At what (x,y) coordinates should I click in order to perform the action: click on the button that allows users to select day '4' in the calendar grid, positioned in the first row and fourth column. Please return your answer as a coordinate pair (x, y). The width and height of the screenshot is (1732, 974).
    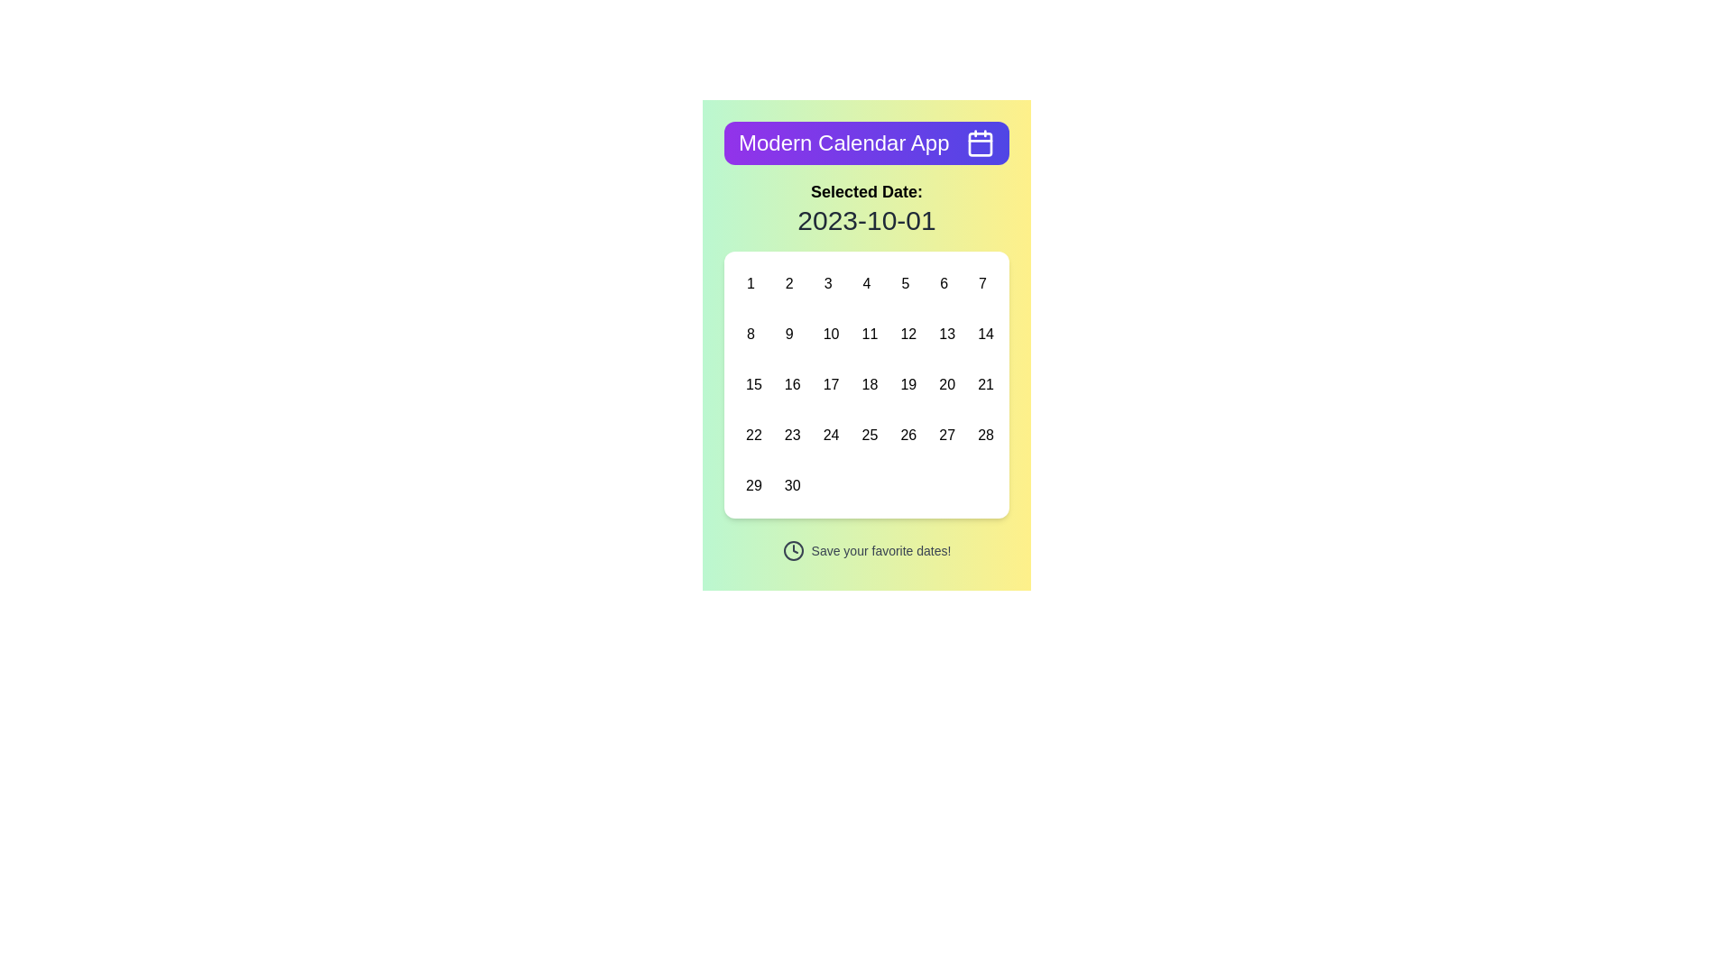
    Looking at the image, I should click on (866, 284).